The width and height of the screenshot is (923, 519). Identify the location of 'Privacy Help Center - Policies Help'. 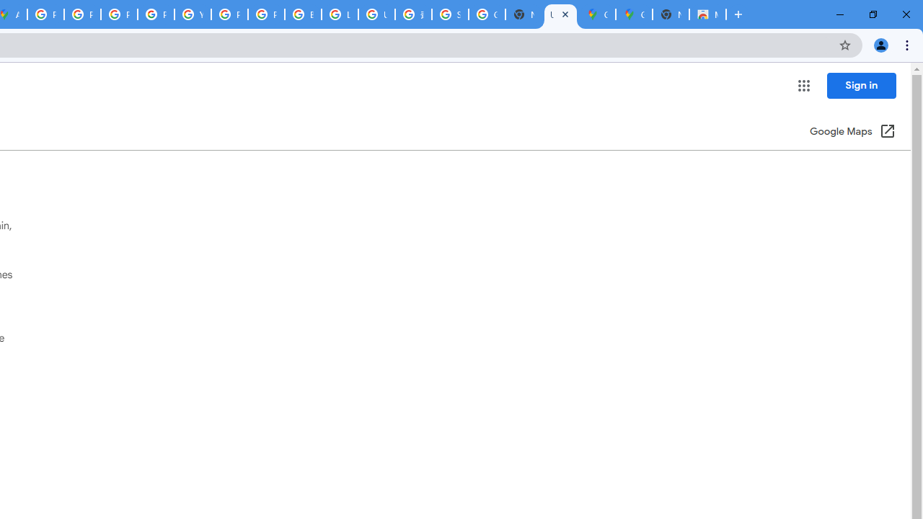
(81, 14).